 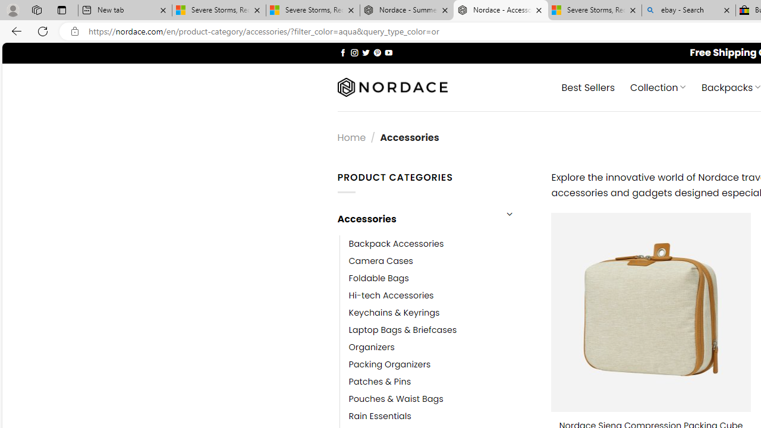 I want to click on 'Organizers', so click(x=371, y=348).